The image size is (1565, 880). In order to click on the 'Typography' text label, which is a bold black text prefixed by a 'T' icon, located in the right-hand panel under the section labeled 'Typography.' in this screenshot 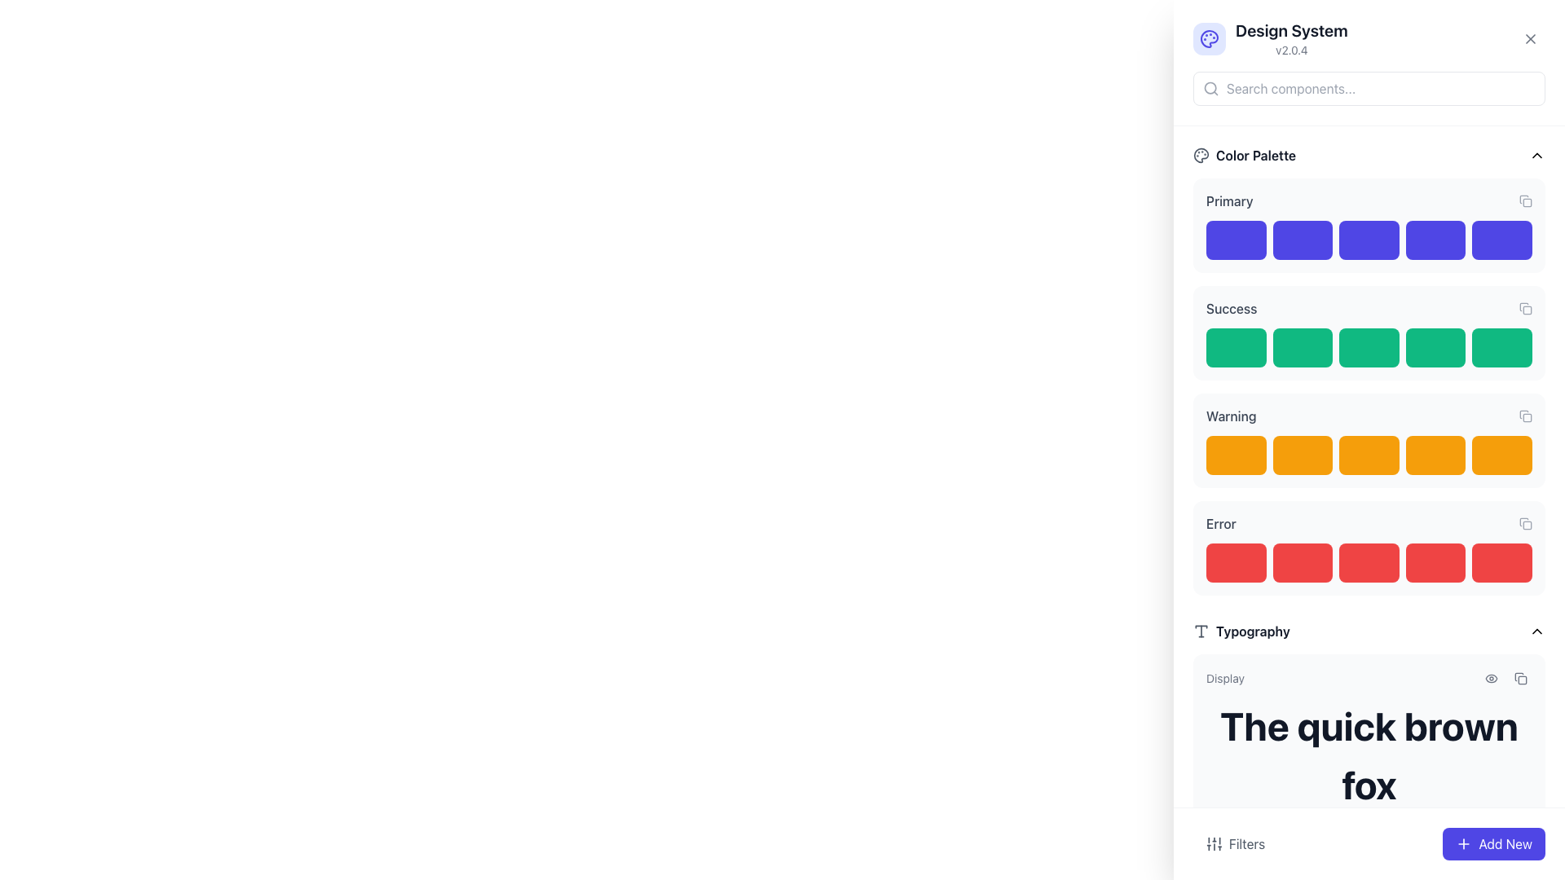, I will do `click(1241, 631)`.